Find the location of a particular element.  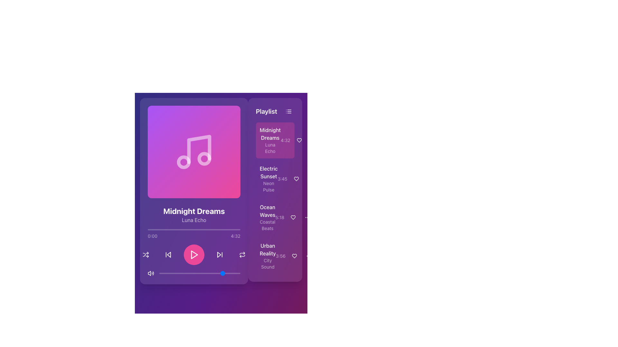

the volume icon component, which is a minimalist linear representation of a speaker with sound waves, located in the bottom-left section of the audio playback controls area is located at coordinates (149, 273).